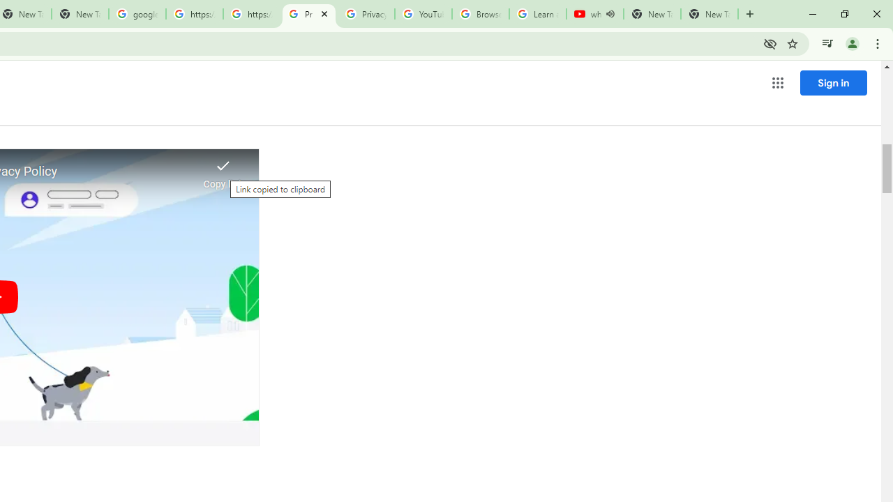 Image resolution: width=893 pixels, height=502 pixels. Describe the element at coordinates (480, 14) in the screenshot. I see `'Browse Chrome as a guest - Computer - Google Chrome Help'` at that location.